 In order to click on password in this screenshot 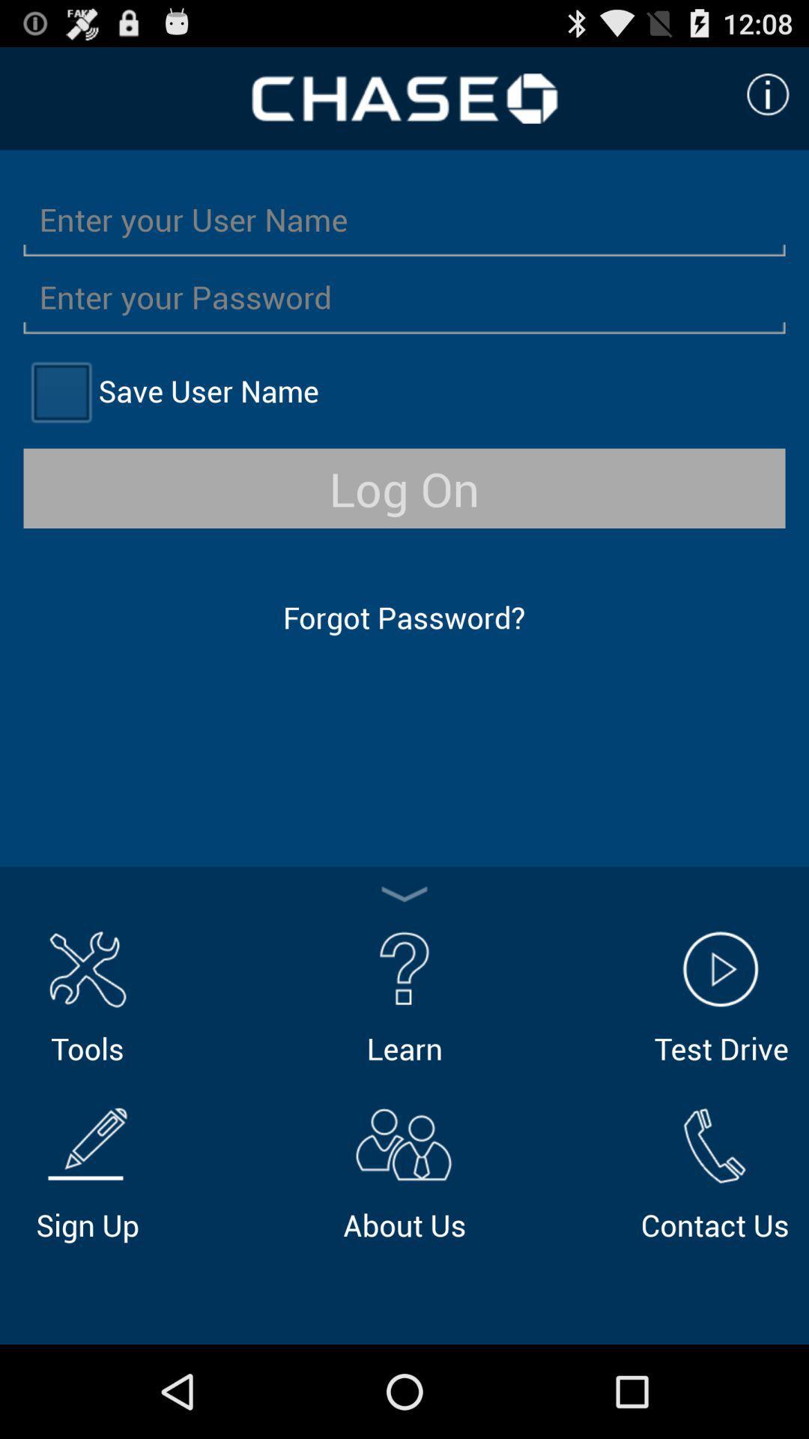, I will do `click(404, 296)`.